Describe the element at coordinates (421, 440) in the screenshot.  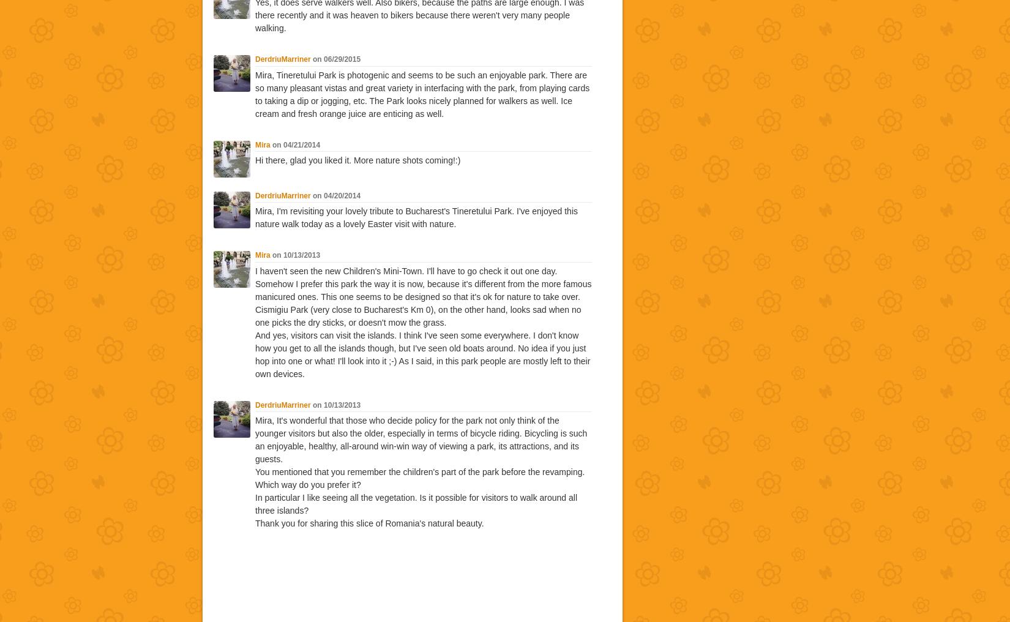
I see `'Mira, It's wonderful that those who decide policy for the park not only think of the younger visitors but also the older, especially in terms of bicycle riding. Bicycling is such an enjoyable, healthy, all-around win-win way of viewing a park, its attractions, and its guests.'` at that location.